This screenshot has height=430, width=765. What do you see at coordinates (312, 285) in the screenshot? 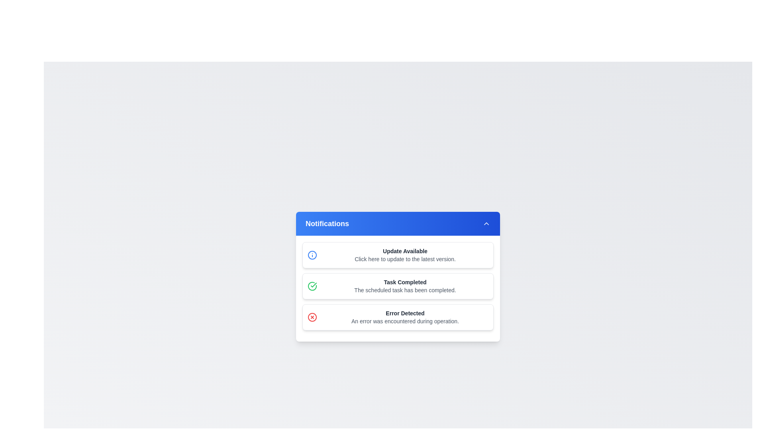
I see `the green circular icon featuring a checkmark inside, which represents a success or completion status, located to the left of the text 'Task Completed' in the notification panel` at bounding box center [312, 285].